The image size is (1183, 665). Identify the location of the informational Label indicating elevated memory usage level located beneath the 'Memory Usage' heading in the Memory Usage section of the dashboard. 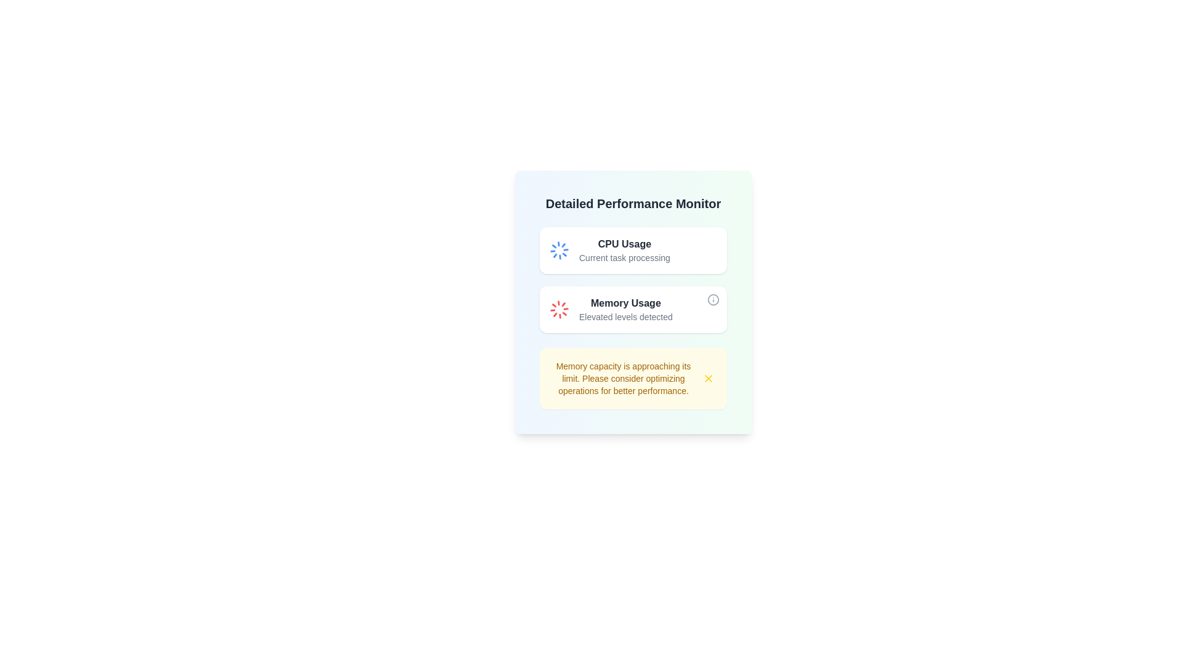
(625, 316).